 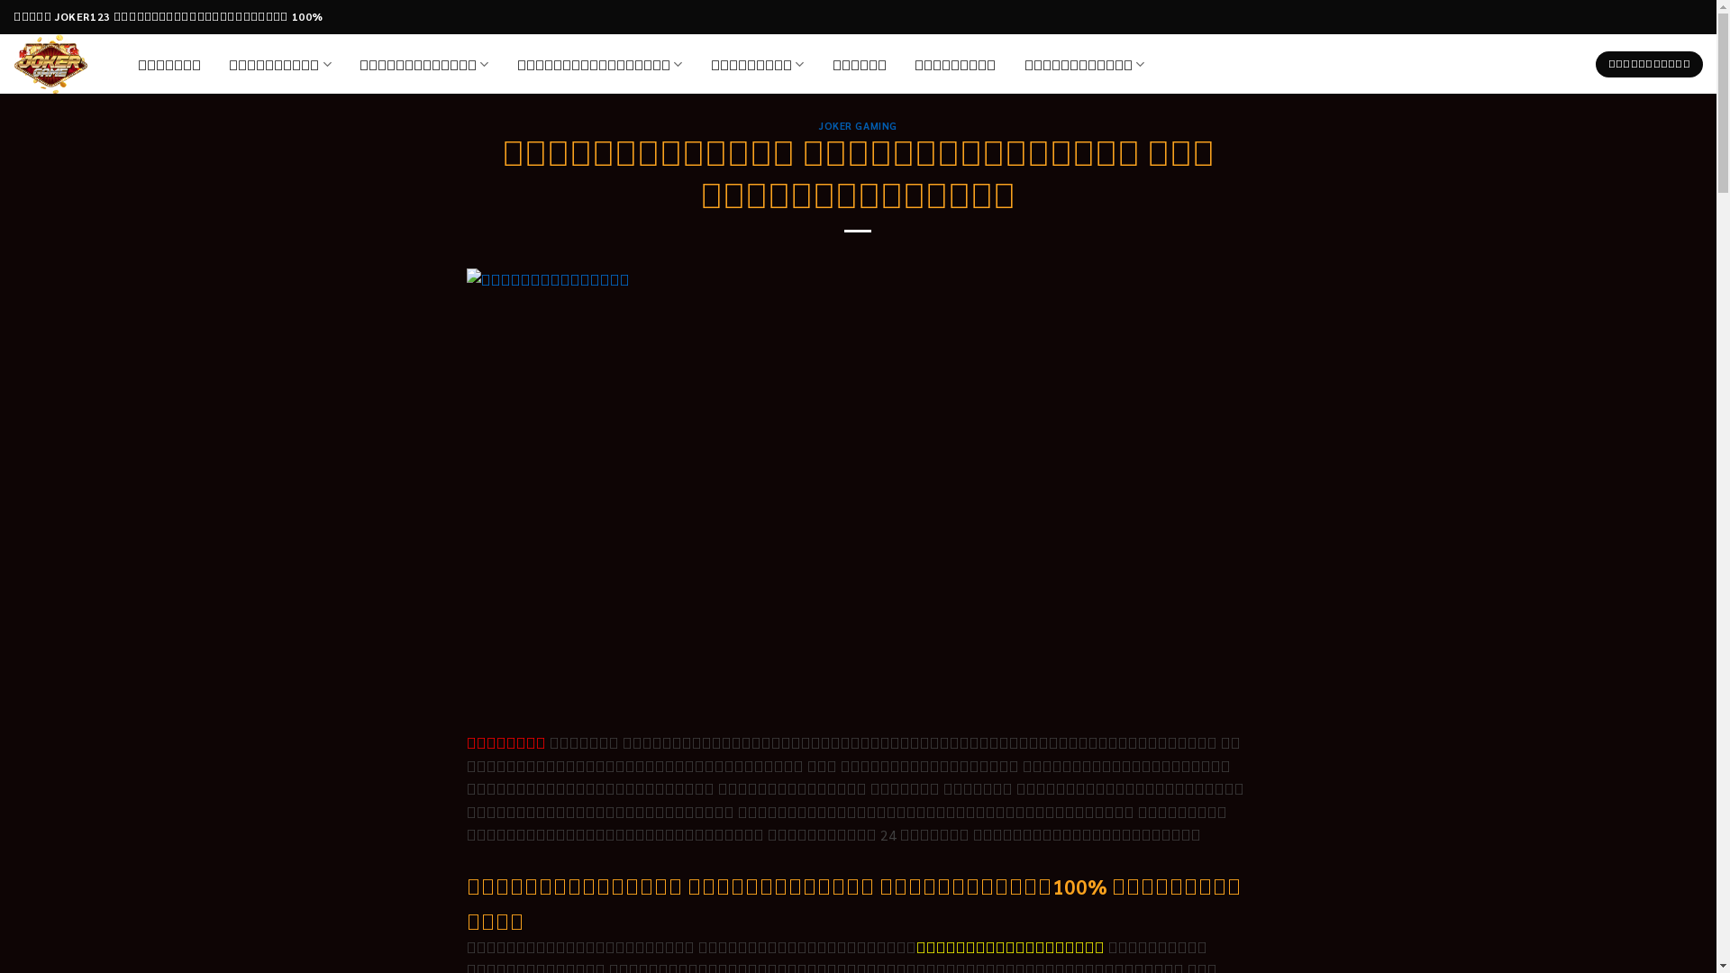 I want to click on 'Skip to content', so click(x=0, y=0).